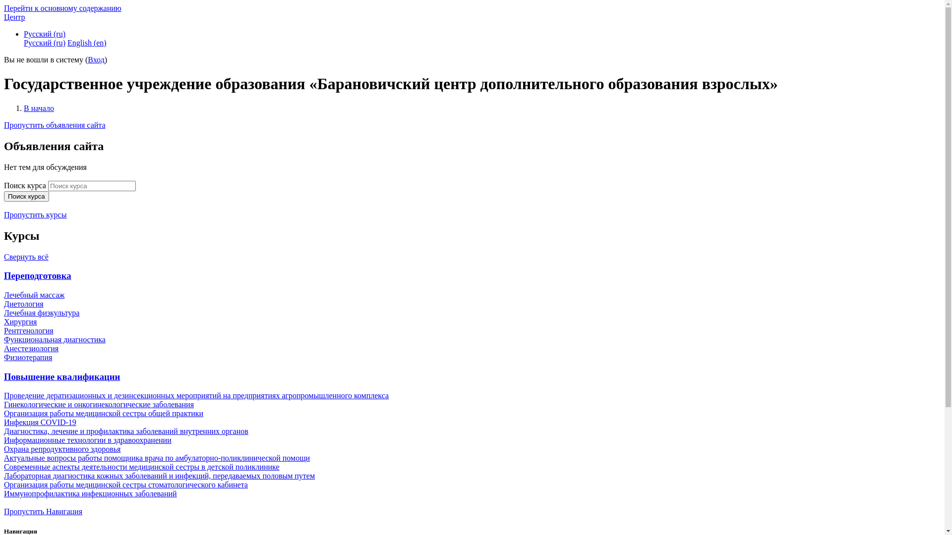  Describe the element at coordinates (87, 42) in the screenshot. I see `'English (en)'` at that location.